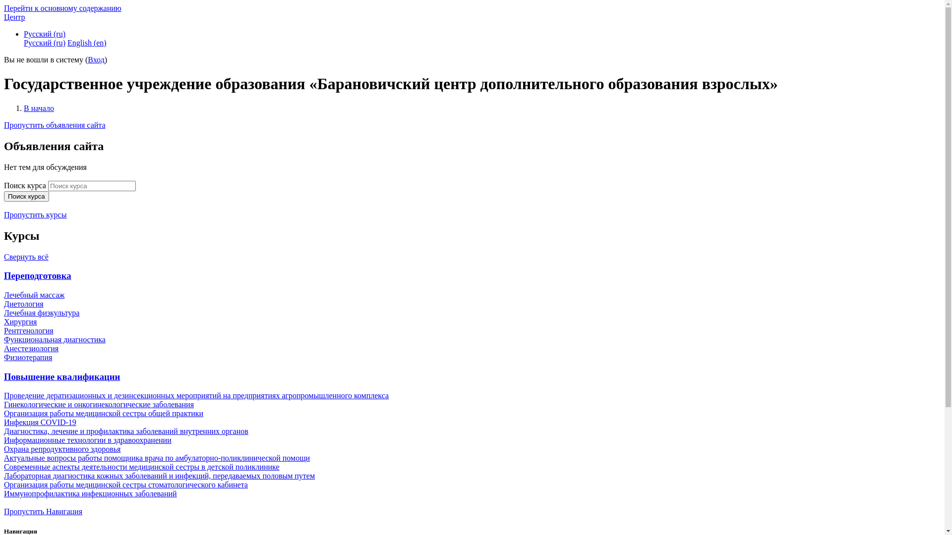  Describe the element at coordinates (87, 42) in the screenshot. I see `'English (en)'` at that location.